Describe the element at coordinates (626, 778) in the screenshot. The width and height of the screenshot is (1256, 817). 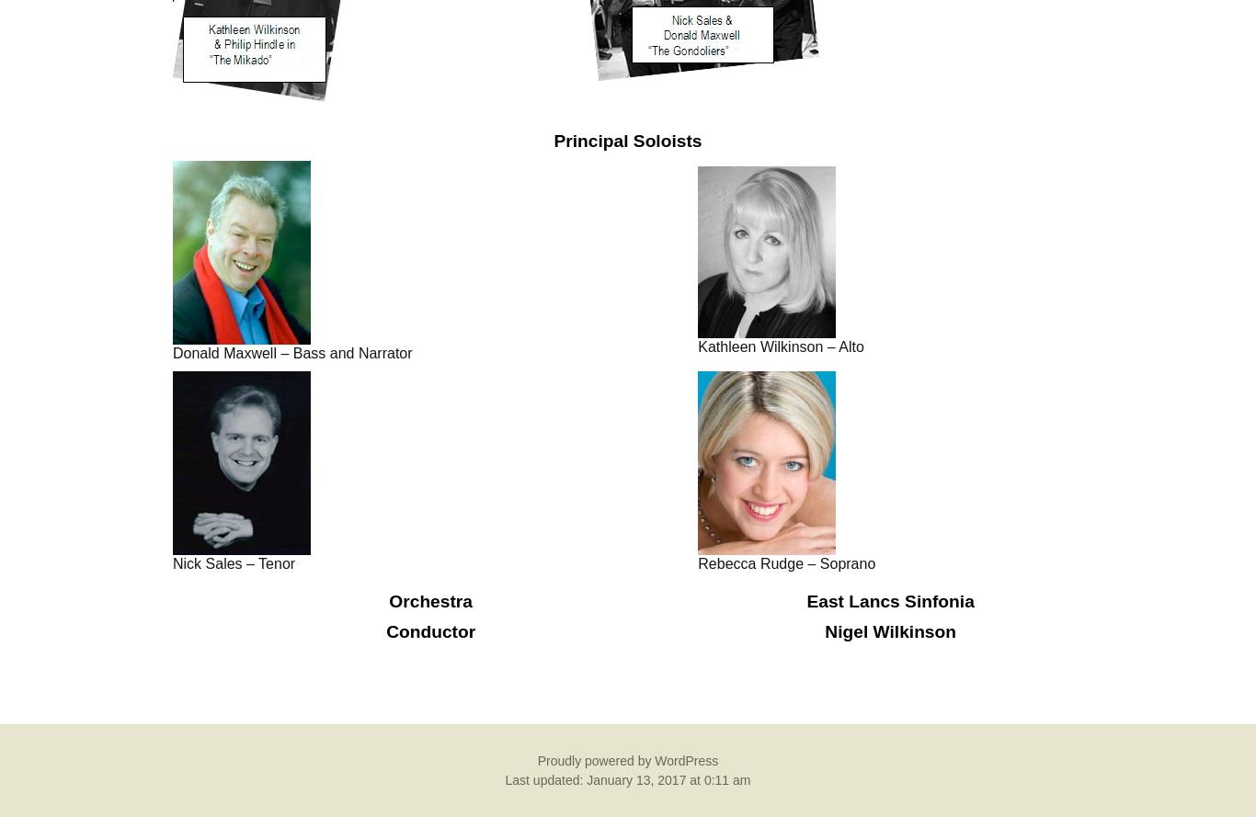
I see `'Last updated: January 13, 2017 at 0:11 am'` at that location.